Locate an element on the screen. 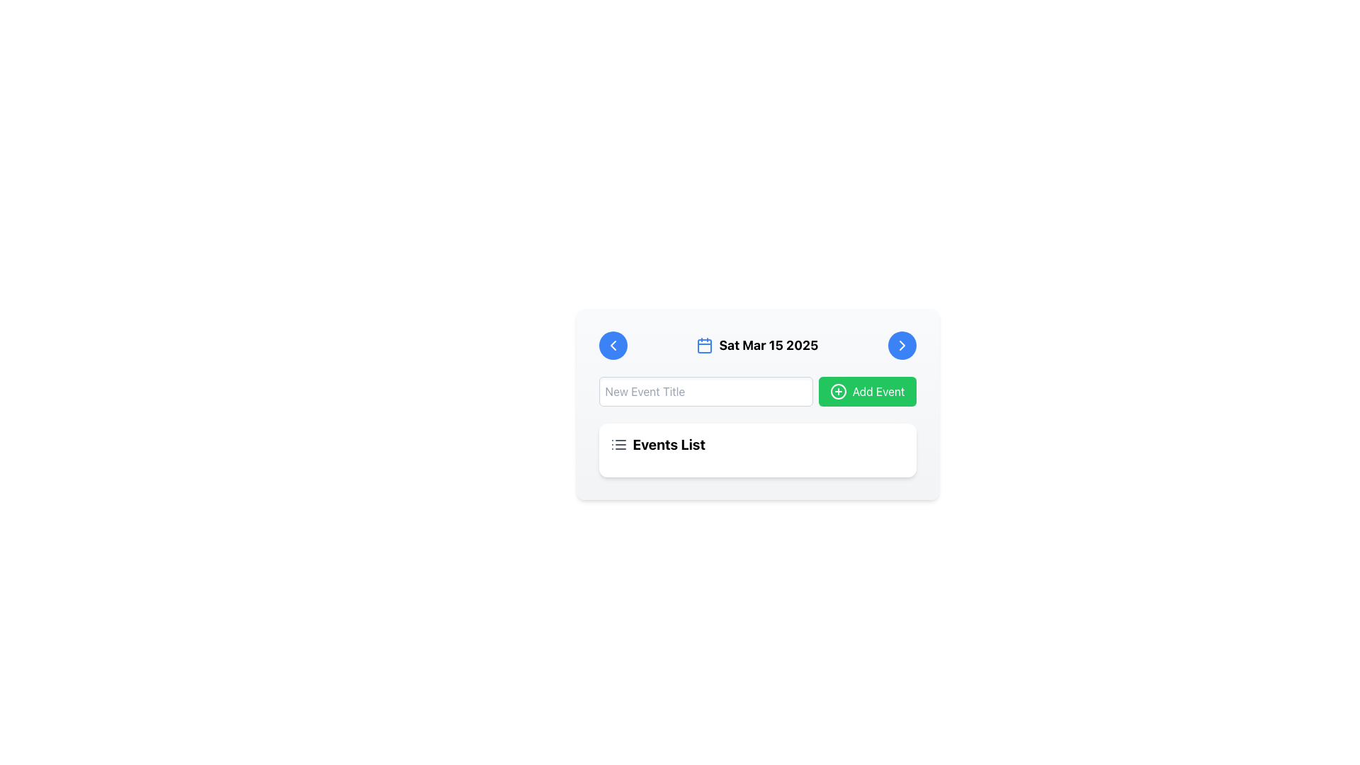  the Label with Icon that displays a blue calendar icon followed by the text 'Sat Mar 15 2025', located at the center of a card-style interface is located at coordinates (756, 346).